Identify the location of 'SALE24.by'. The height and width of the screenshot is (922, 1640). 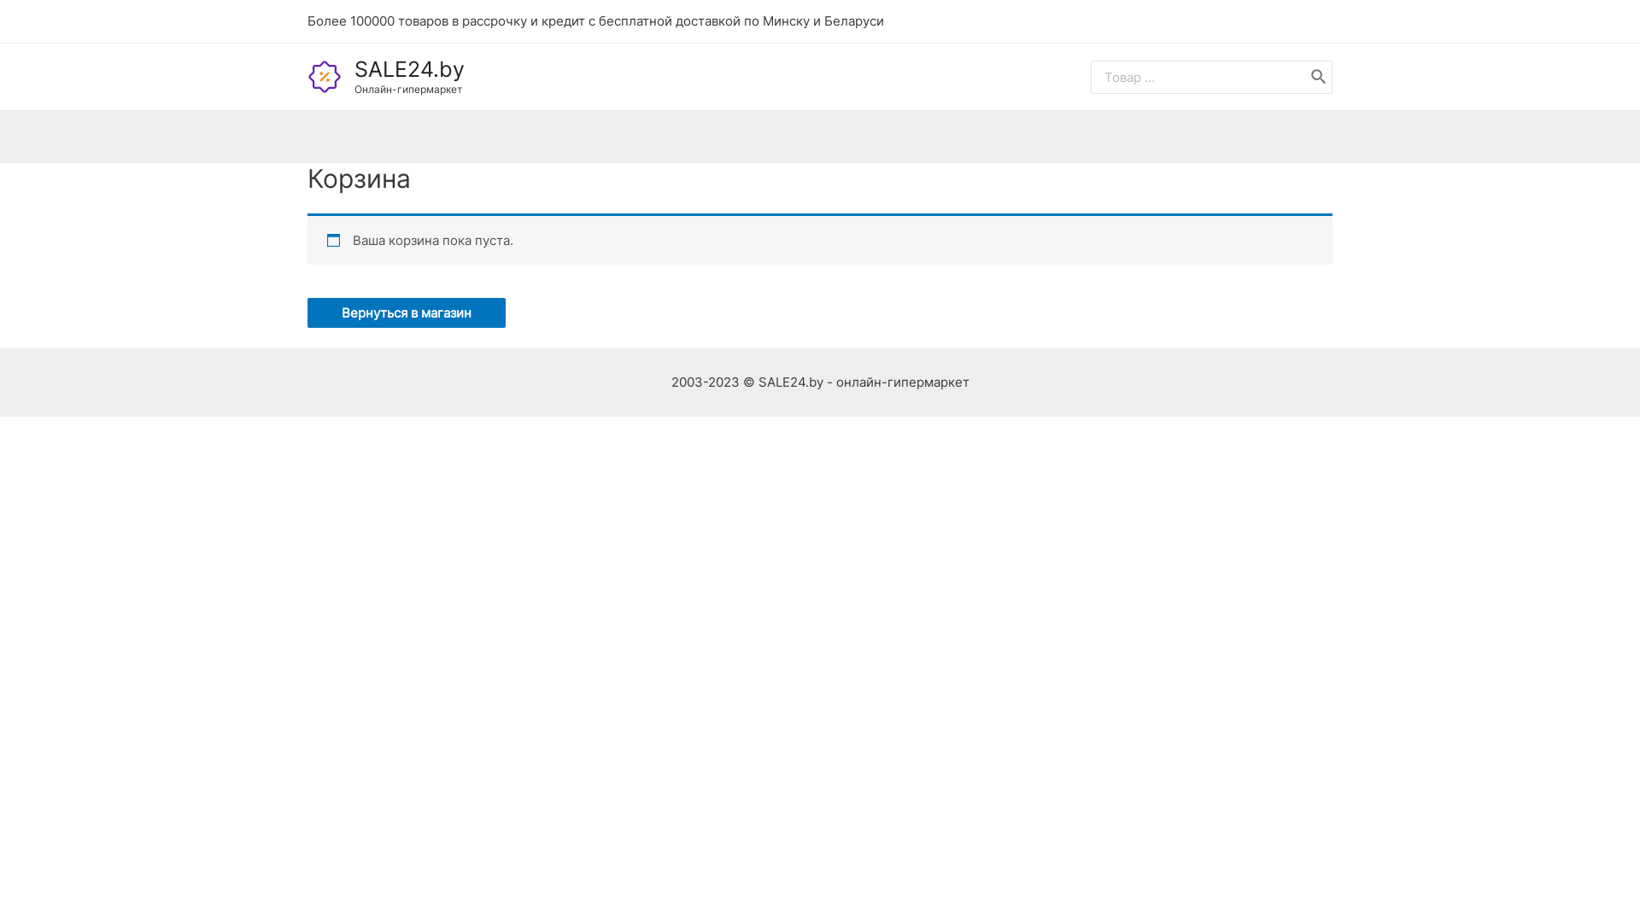
(353, 68).